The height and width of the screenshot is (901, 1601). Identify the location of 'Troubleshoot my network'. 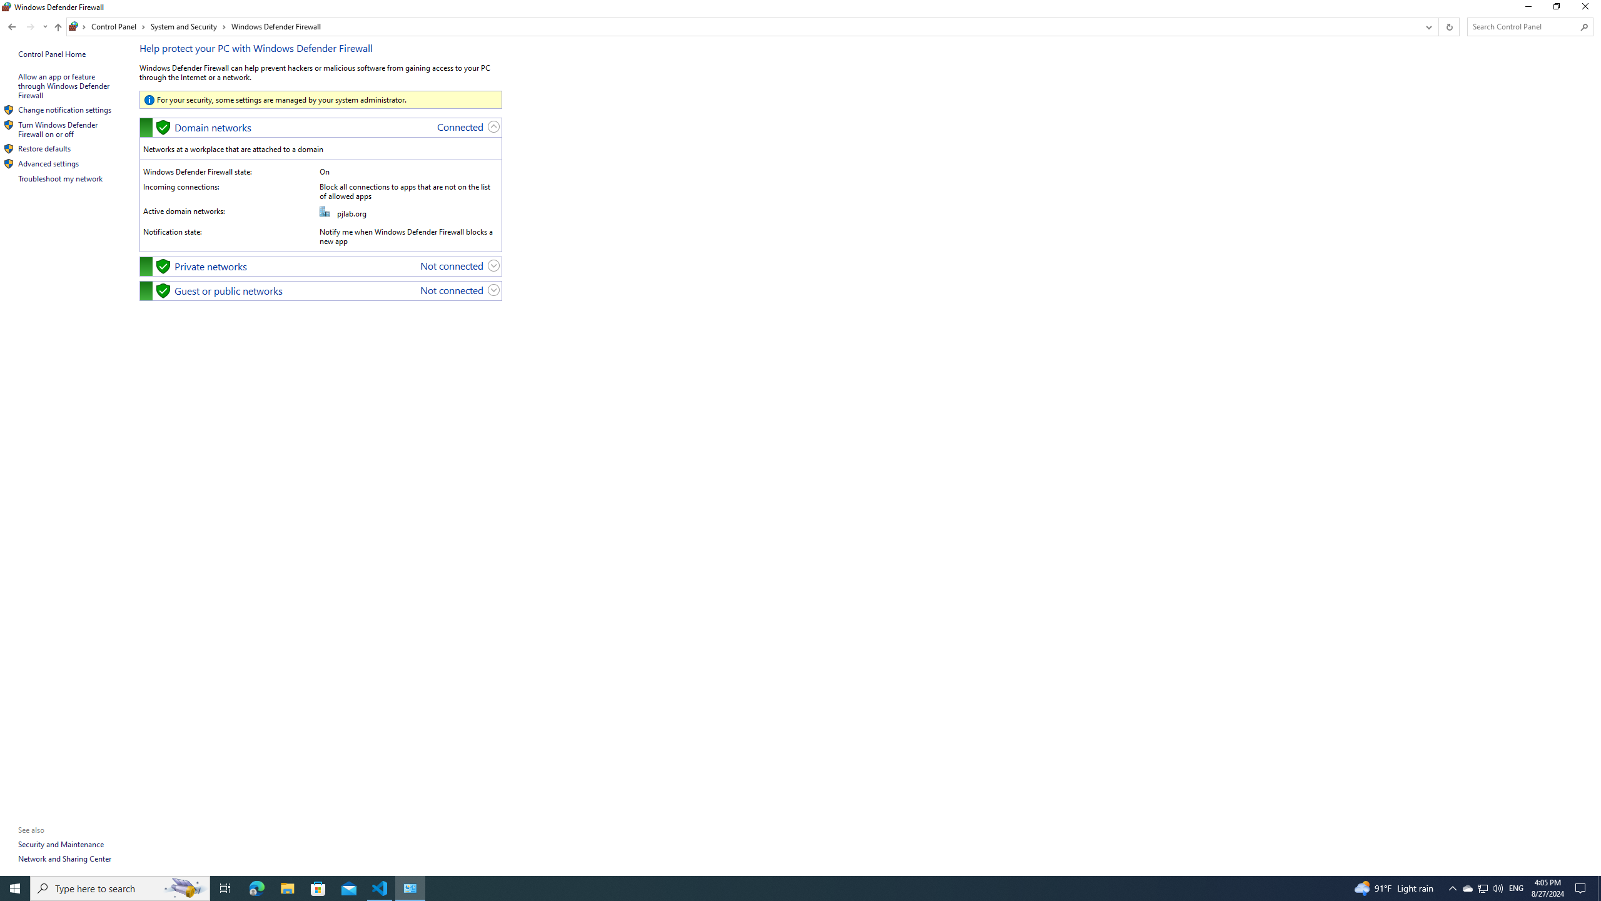
(61, 178).